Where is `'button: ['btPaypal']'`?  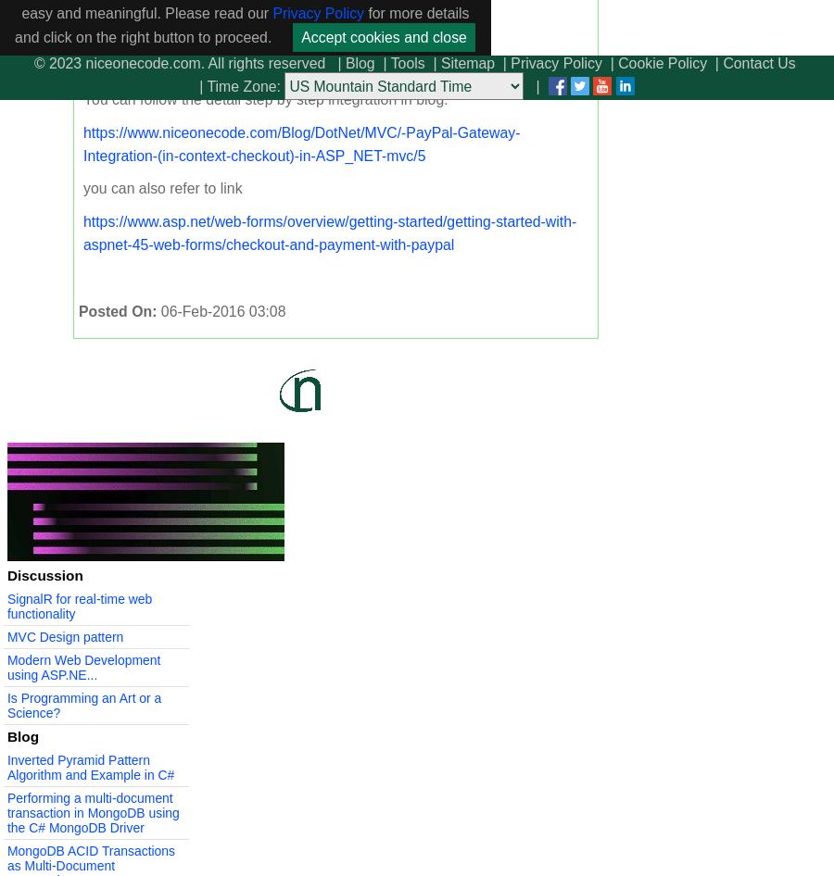 'button: ['btPaypal']' is located at coordinates (164, 35).